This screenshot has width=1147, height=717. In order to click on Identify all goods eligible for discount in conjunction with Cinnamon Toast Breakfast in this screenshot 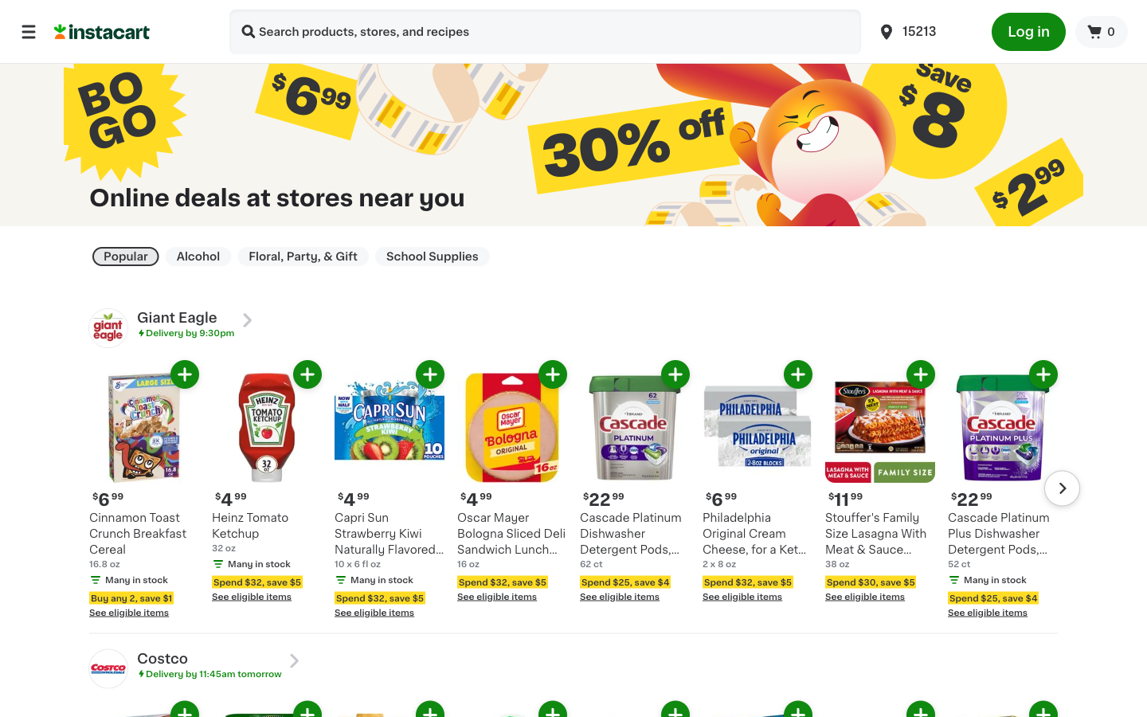, I will do `click(166, 623)`.